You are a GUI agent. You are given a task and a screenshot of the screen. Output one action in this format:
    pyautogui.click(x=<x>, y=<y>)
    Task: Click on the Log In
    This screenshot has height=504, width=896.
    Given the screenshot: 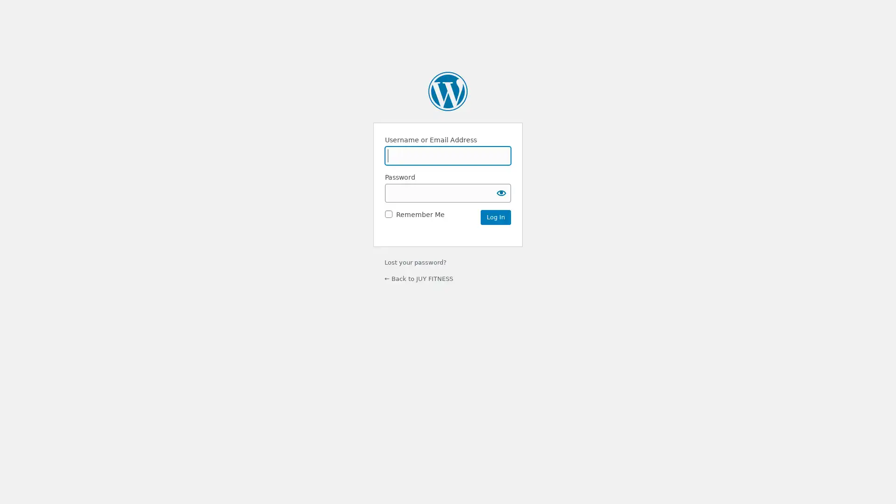 What is the action you would take?
    pyautogui.click(x=495, y=217)
    